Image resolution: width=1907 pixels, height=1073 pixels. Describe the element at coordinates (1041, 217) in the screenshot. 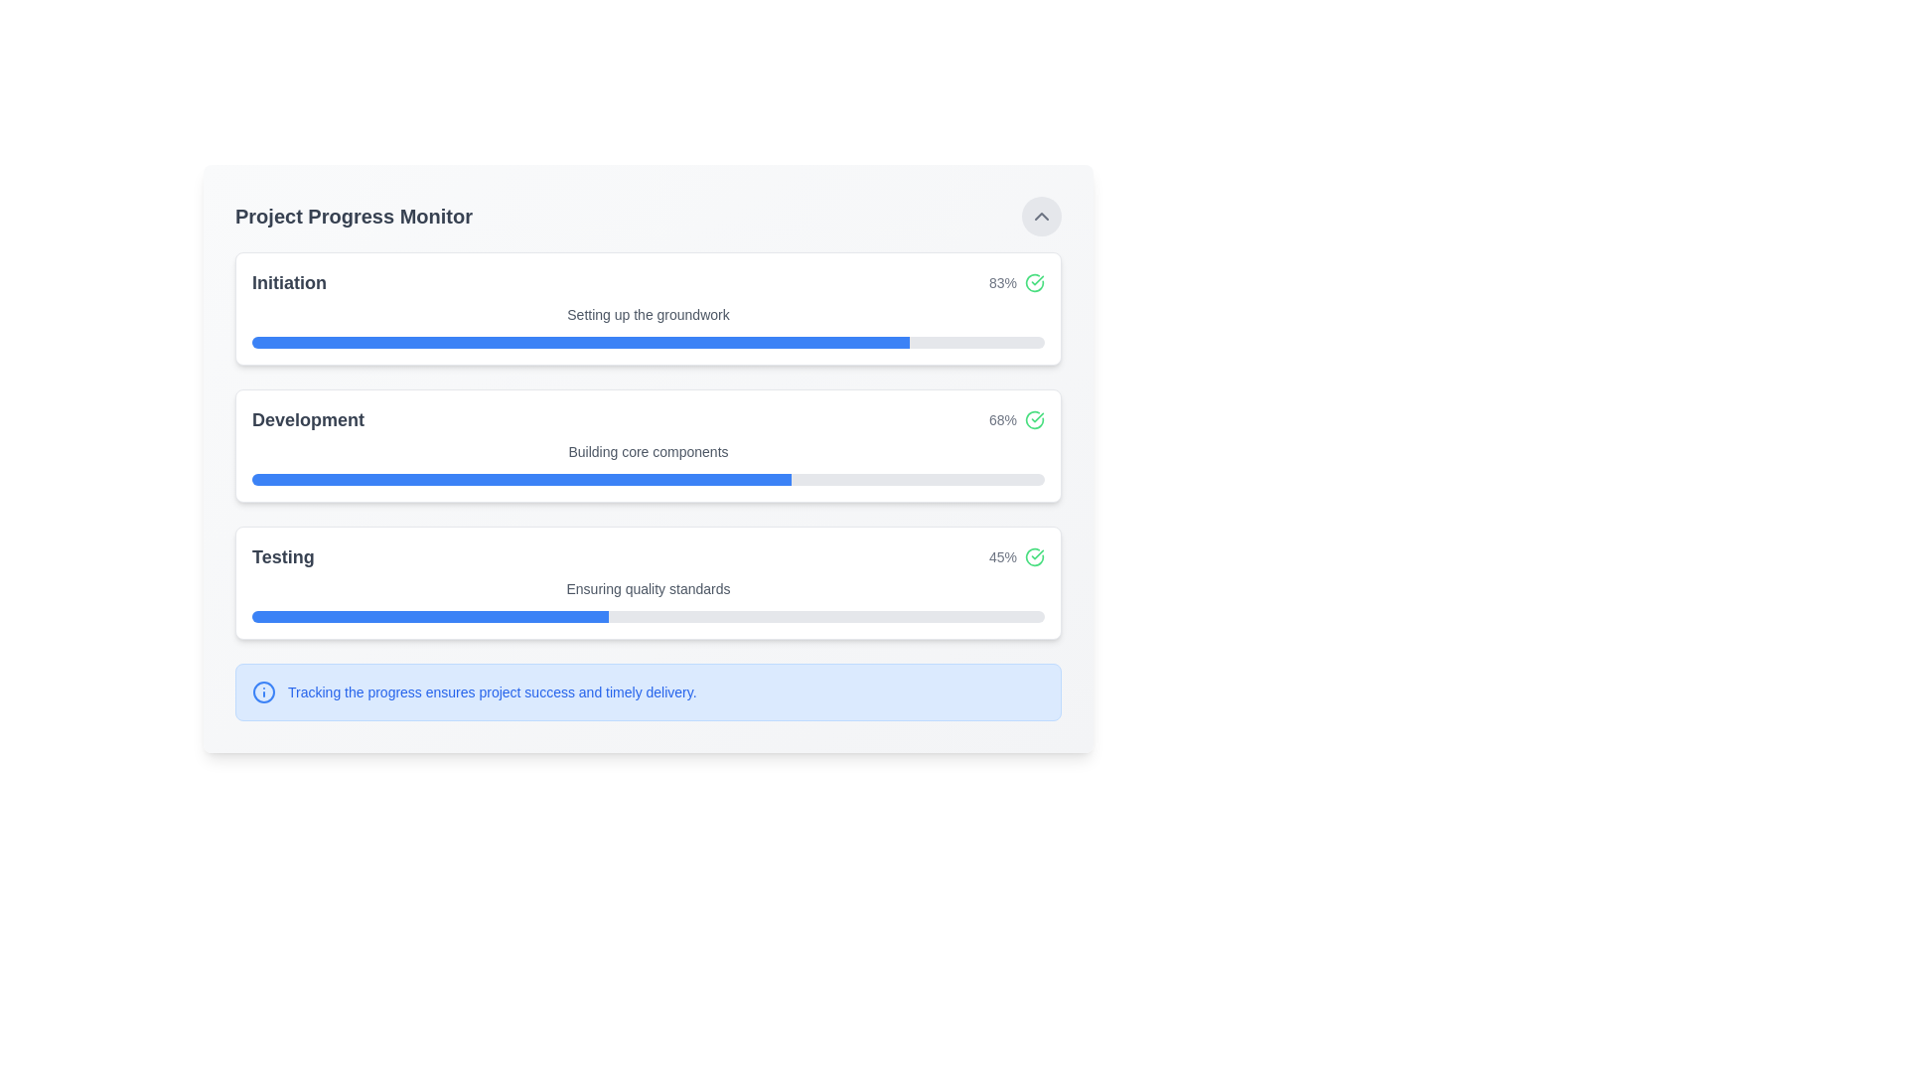

I see `the circular button with a gray background located in the top-right corner of the header section to minimize or collapse the progress tracker section below it` at that location.